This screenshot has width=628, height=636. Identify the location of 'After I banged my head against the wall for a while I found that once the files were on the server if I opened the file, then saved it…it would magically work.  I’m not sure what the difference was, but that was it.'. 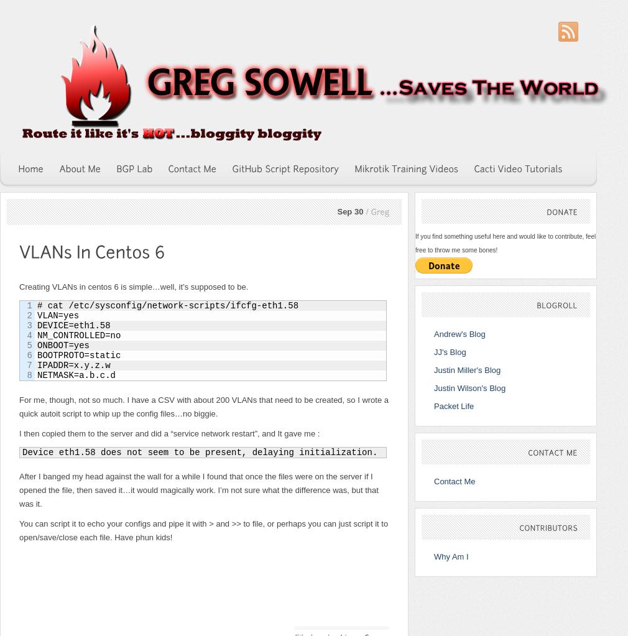
(198, 490).